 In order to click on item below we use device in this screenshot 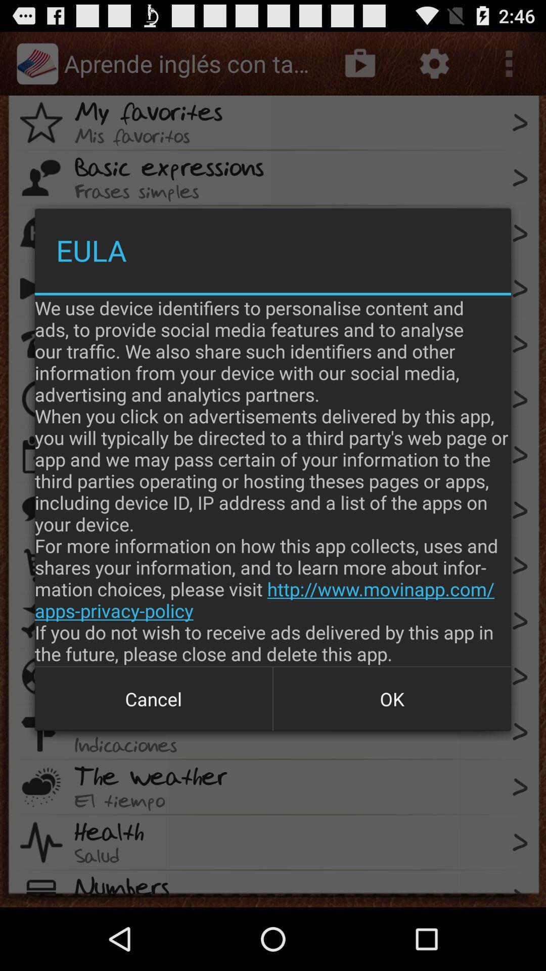, I will do `click(391, 698)`.